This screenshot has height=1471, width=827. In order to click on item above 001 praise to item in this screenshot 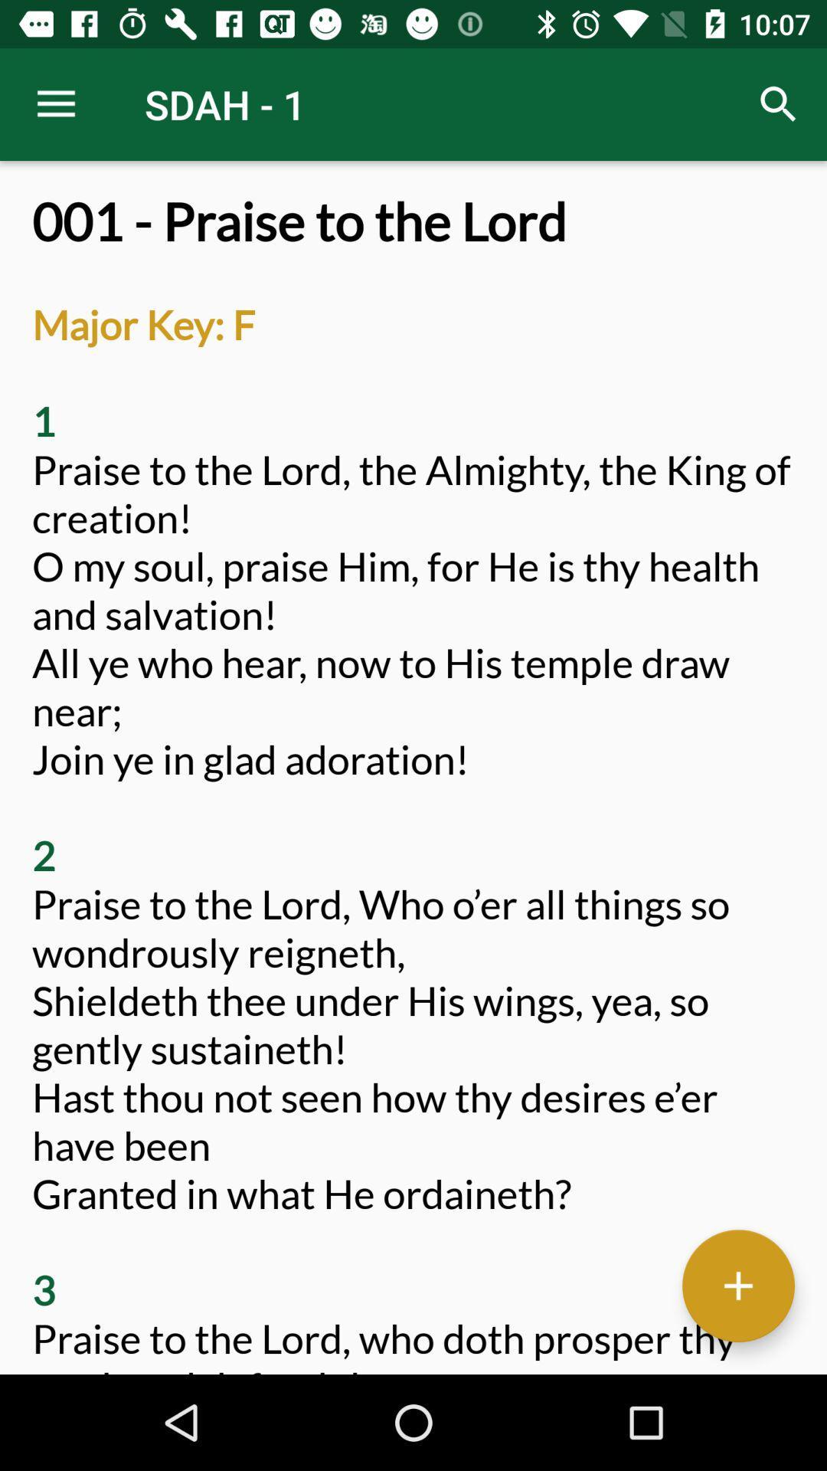, I will do `click(55, 103)`.